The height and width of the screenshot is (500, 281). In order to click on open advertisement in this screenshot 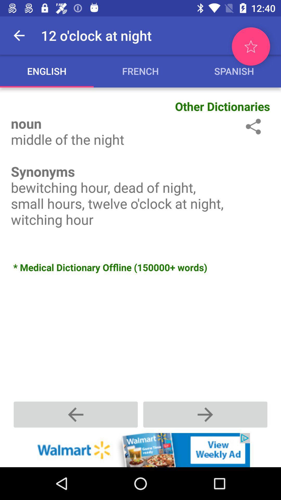, I will do `click(140, 450)`.